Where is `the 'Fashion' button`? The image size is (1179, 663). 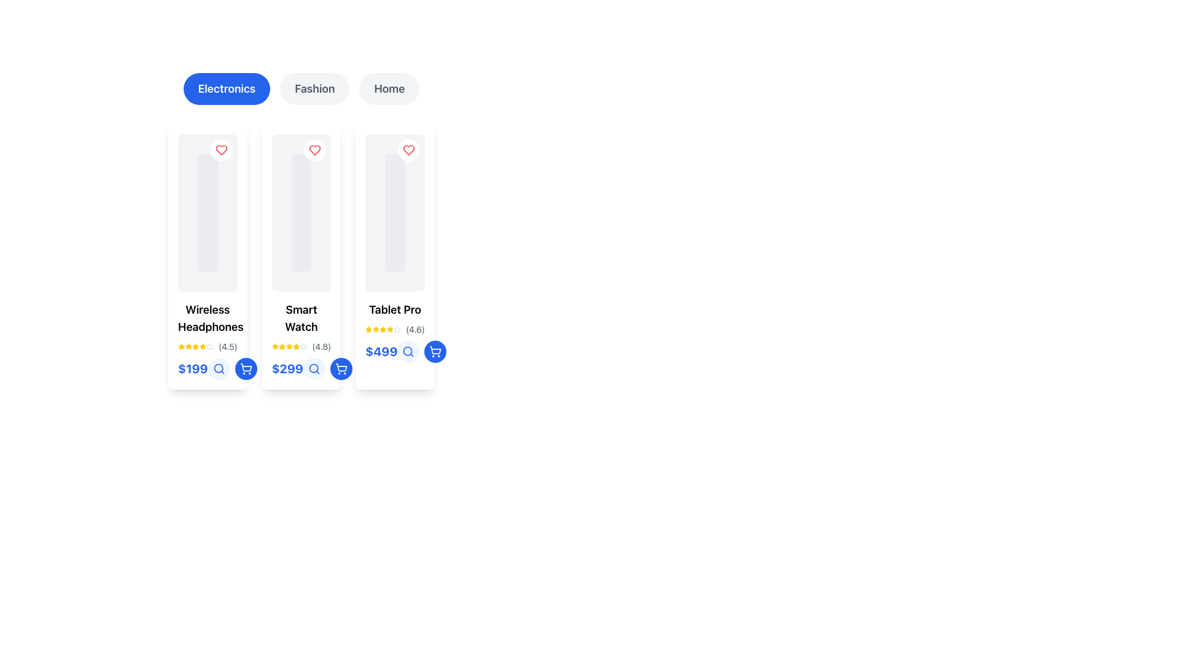 the 'Fashion' button is located at coordinates (314, 88).